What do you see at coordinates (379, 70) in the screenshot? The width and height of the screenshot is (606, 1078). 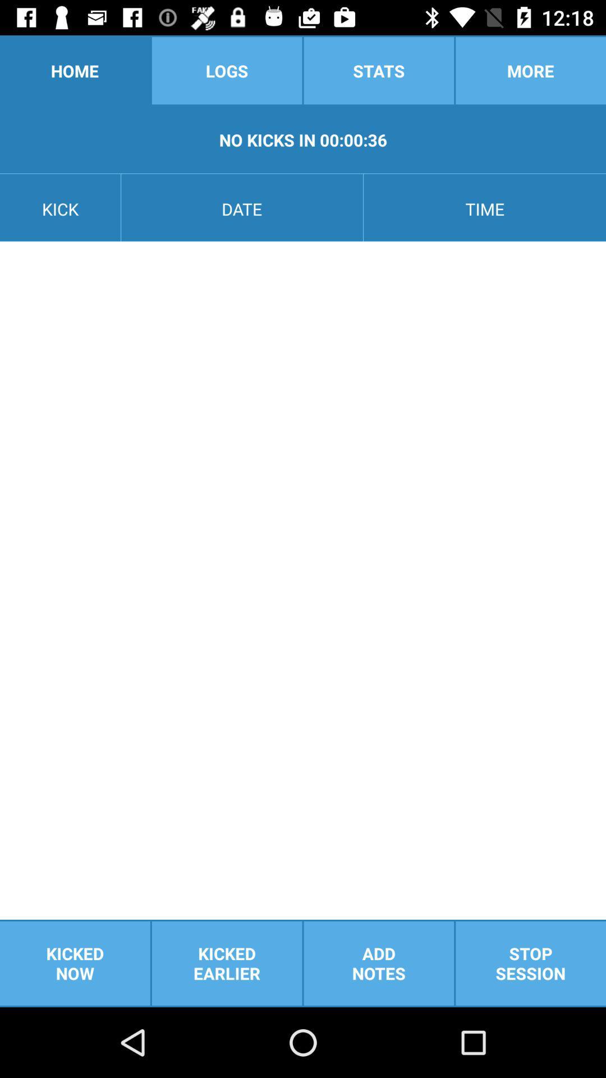 I see `the stats button` at bounding box center [379, 70].